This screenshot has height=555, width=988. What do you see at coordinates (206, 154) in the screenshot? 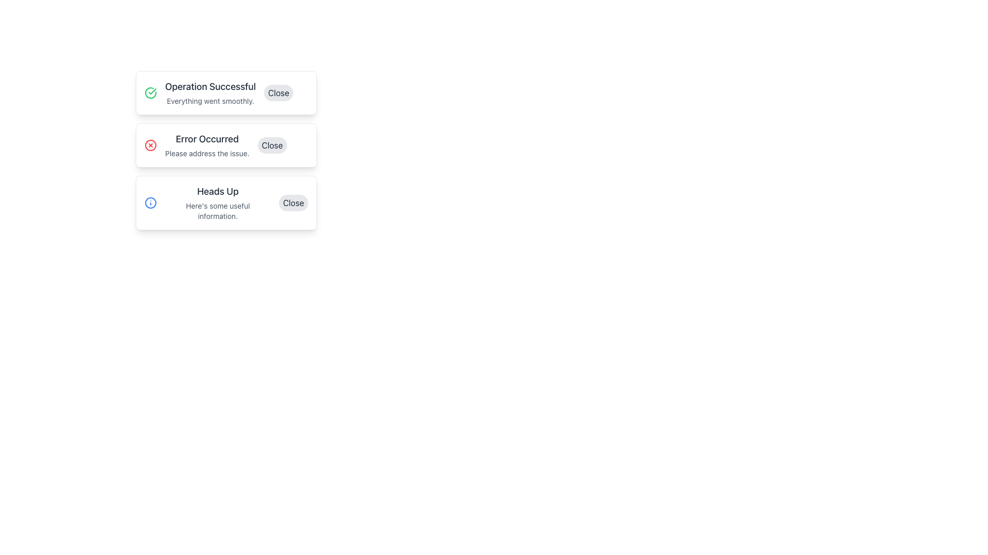
I see `the text element that says 'Please address the issue.' which is positioned under the title 'Error Occurred'` at bounding box center [206, 154].